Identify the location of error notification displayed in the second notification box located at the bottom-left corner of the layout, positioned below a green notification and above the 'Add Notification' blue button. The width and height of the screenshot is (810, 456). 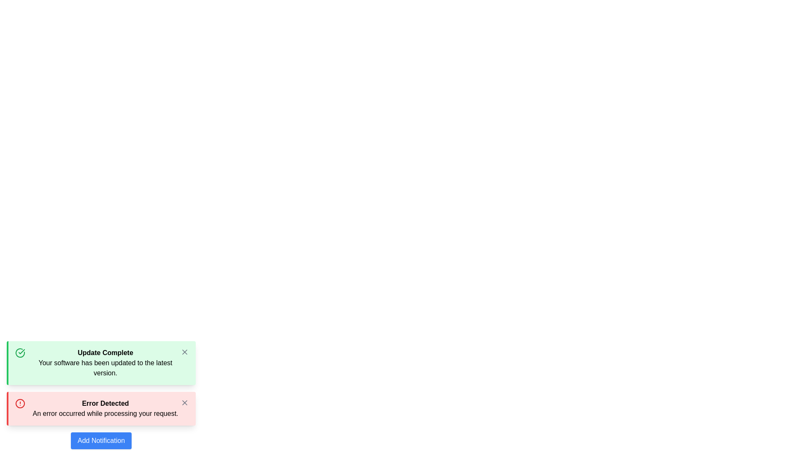
(101, 408).